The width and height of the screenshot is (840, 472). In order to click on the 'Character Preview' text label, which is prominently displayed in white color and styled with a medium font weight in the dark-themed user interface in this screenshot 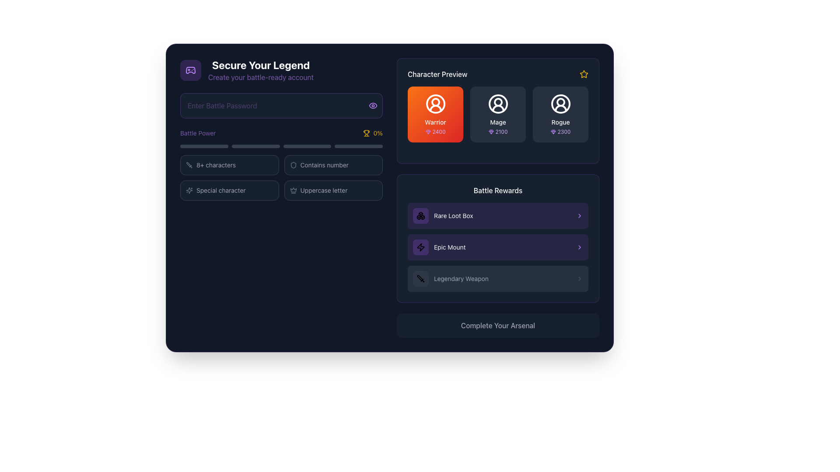, I will do `click(437, 73)`.